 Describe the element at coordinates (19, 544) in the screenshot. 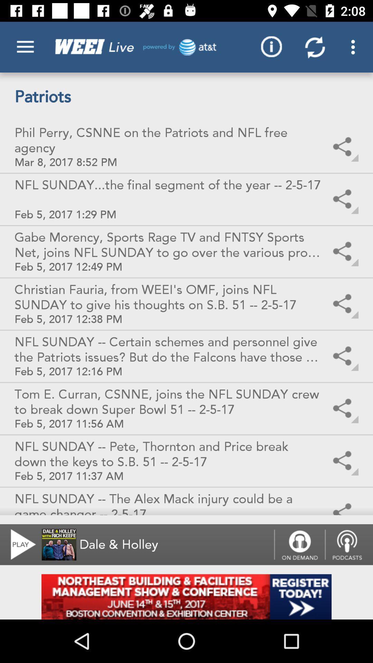

I see `the play icon` at that location.